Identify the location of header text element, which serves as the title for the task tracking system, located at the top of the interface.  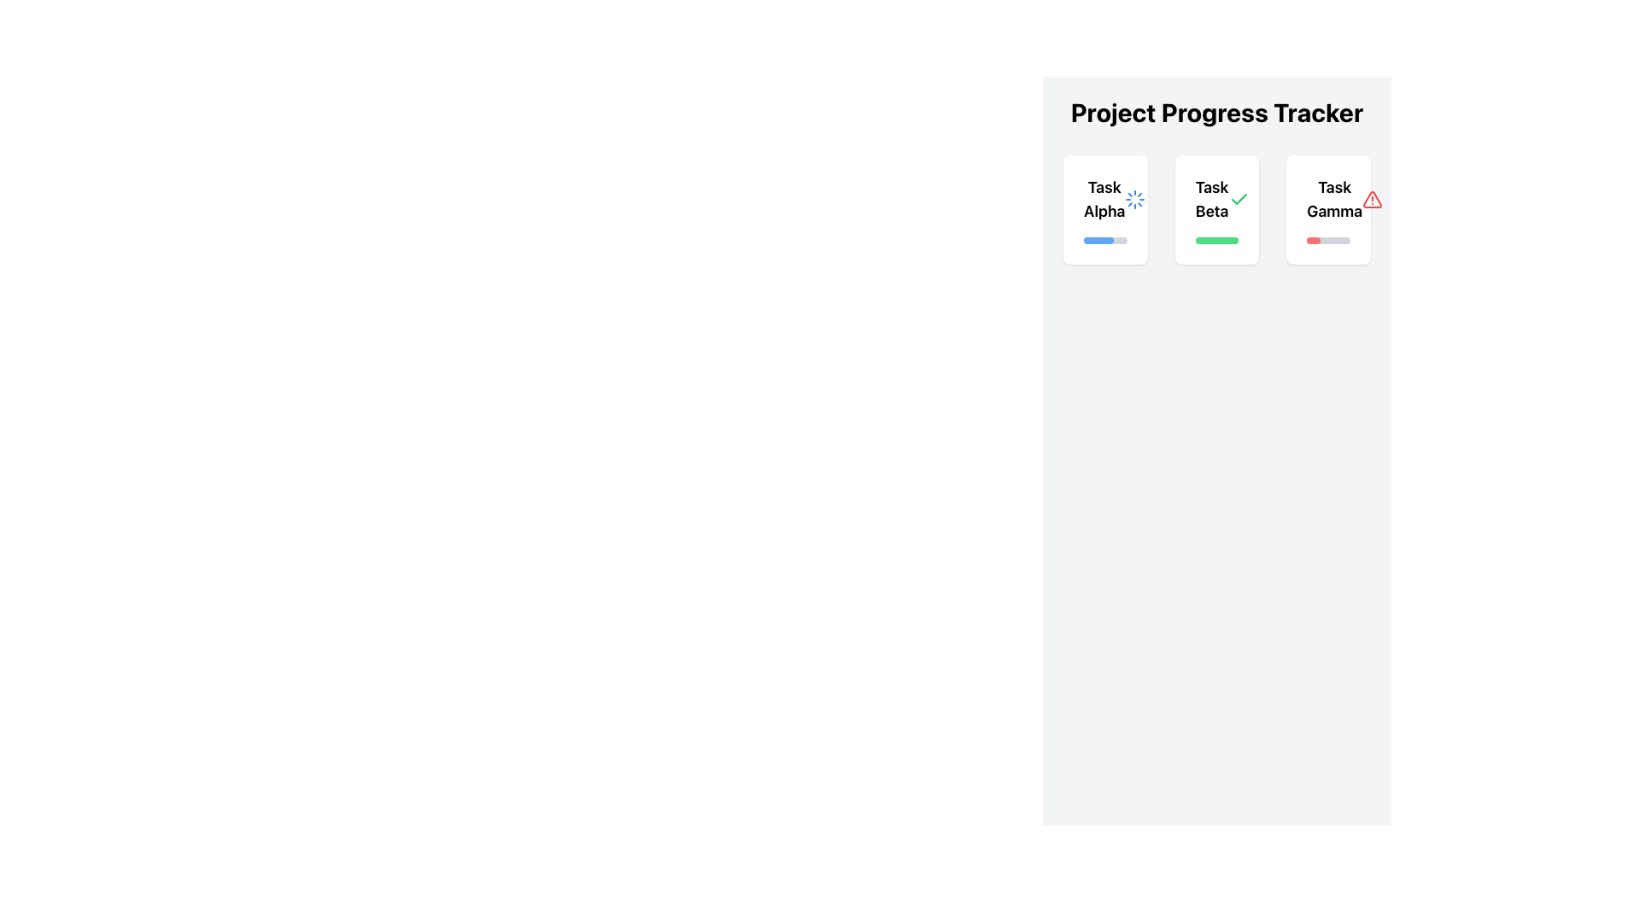
(1216, 112).